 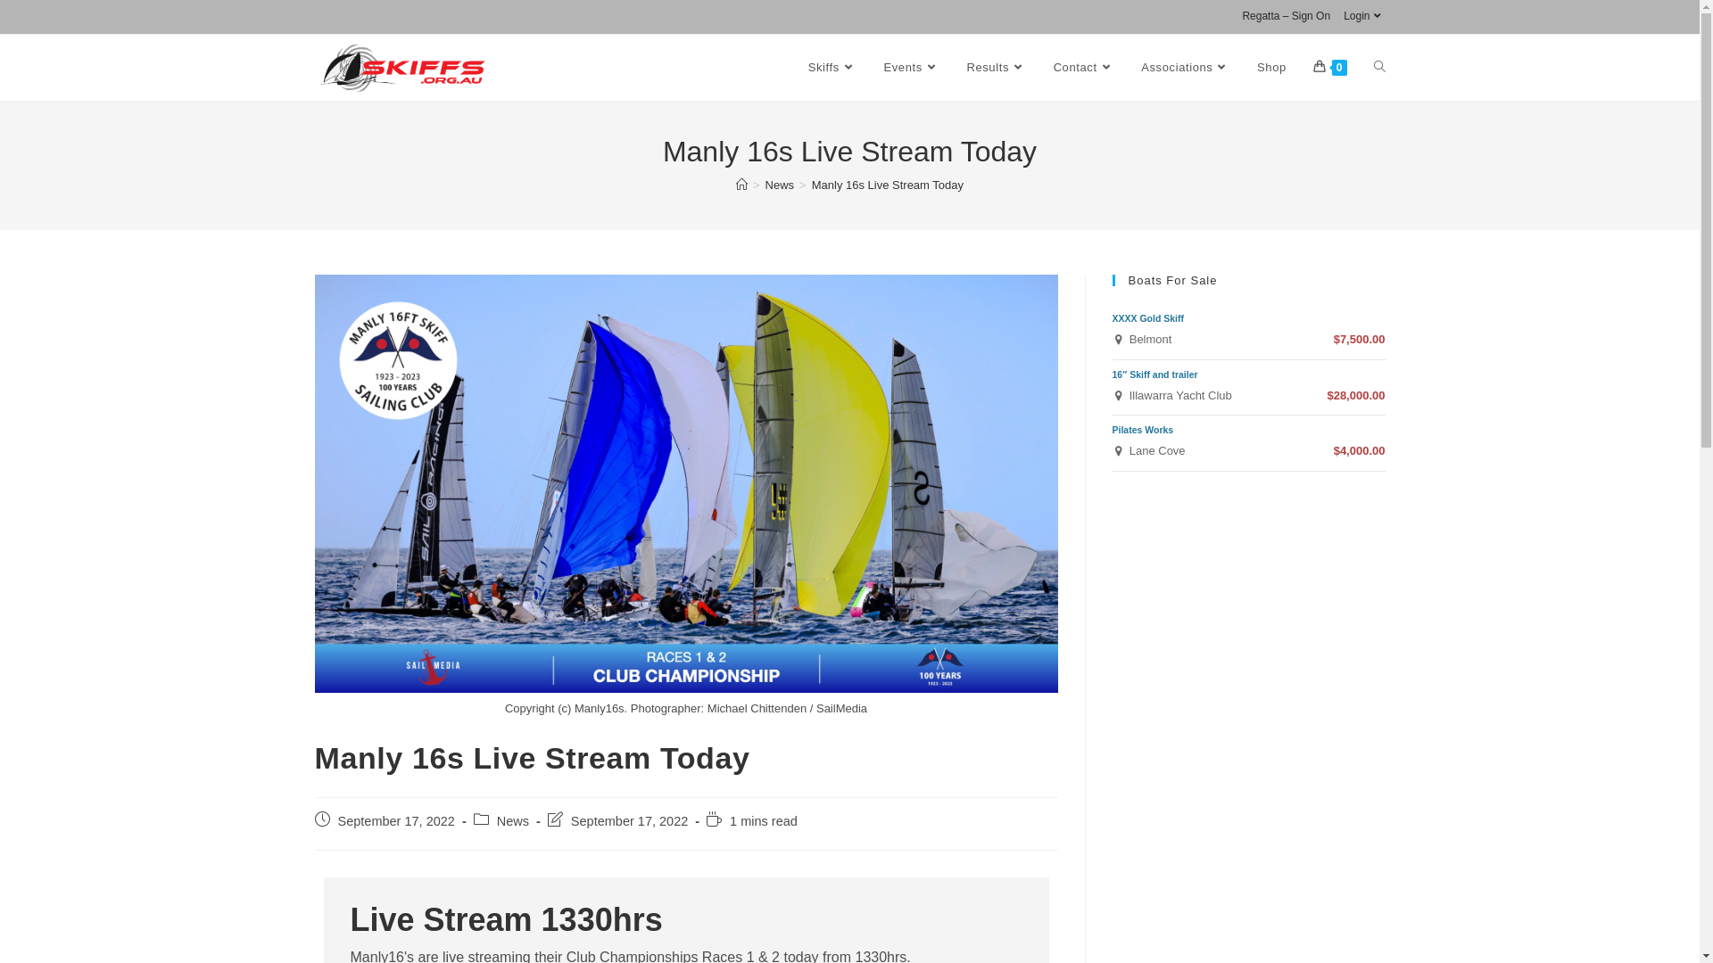 I want to click on 'News', so click(x=512, y=821).